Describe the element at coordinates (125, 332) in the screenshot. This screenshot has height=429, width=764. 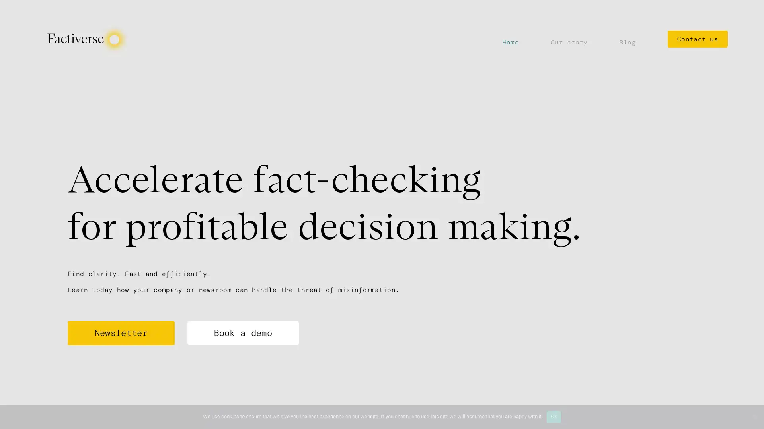
I see `Newsletter` at that location.